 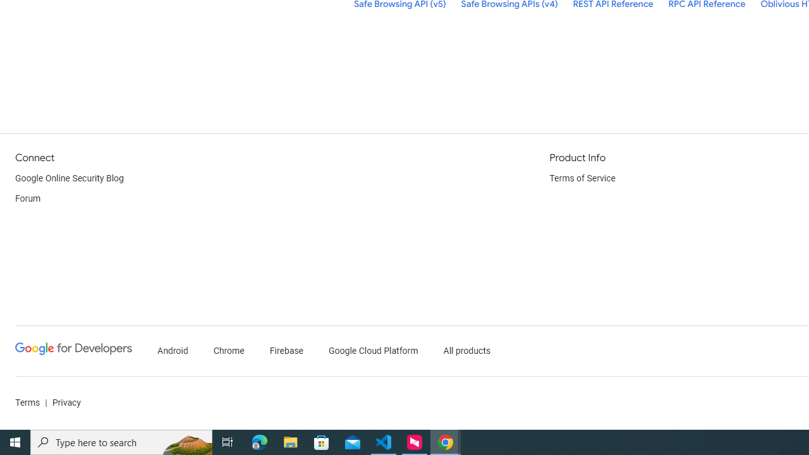 I want to click on 'Android', so click(x=172, y=351).